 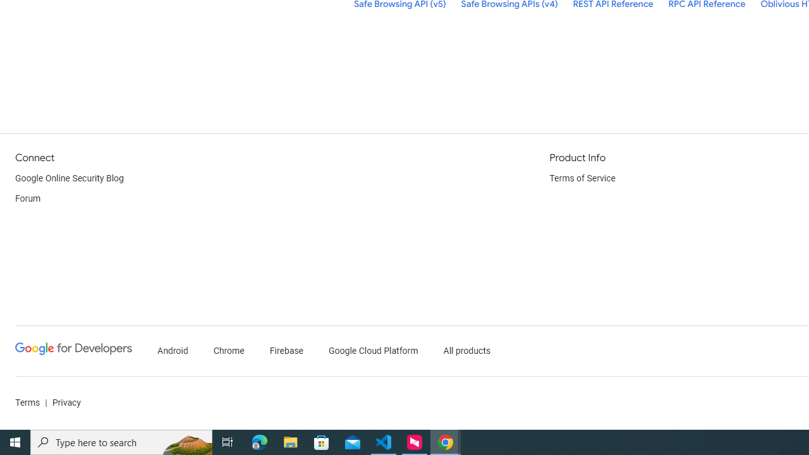 I want to click on 'Android', so click(x=172, y=351).